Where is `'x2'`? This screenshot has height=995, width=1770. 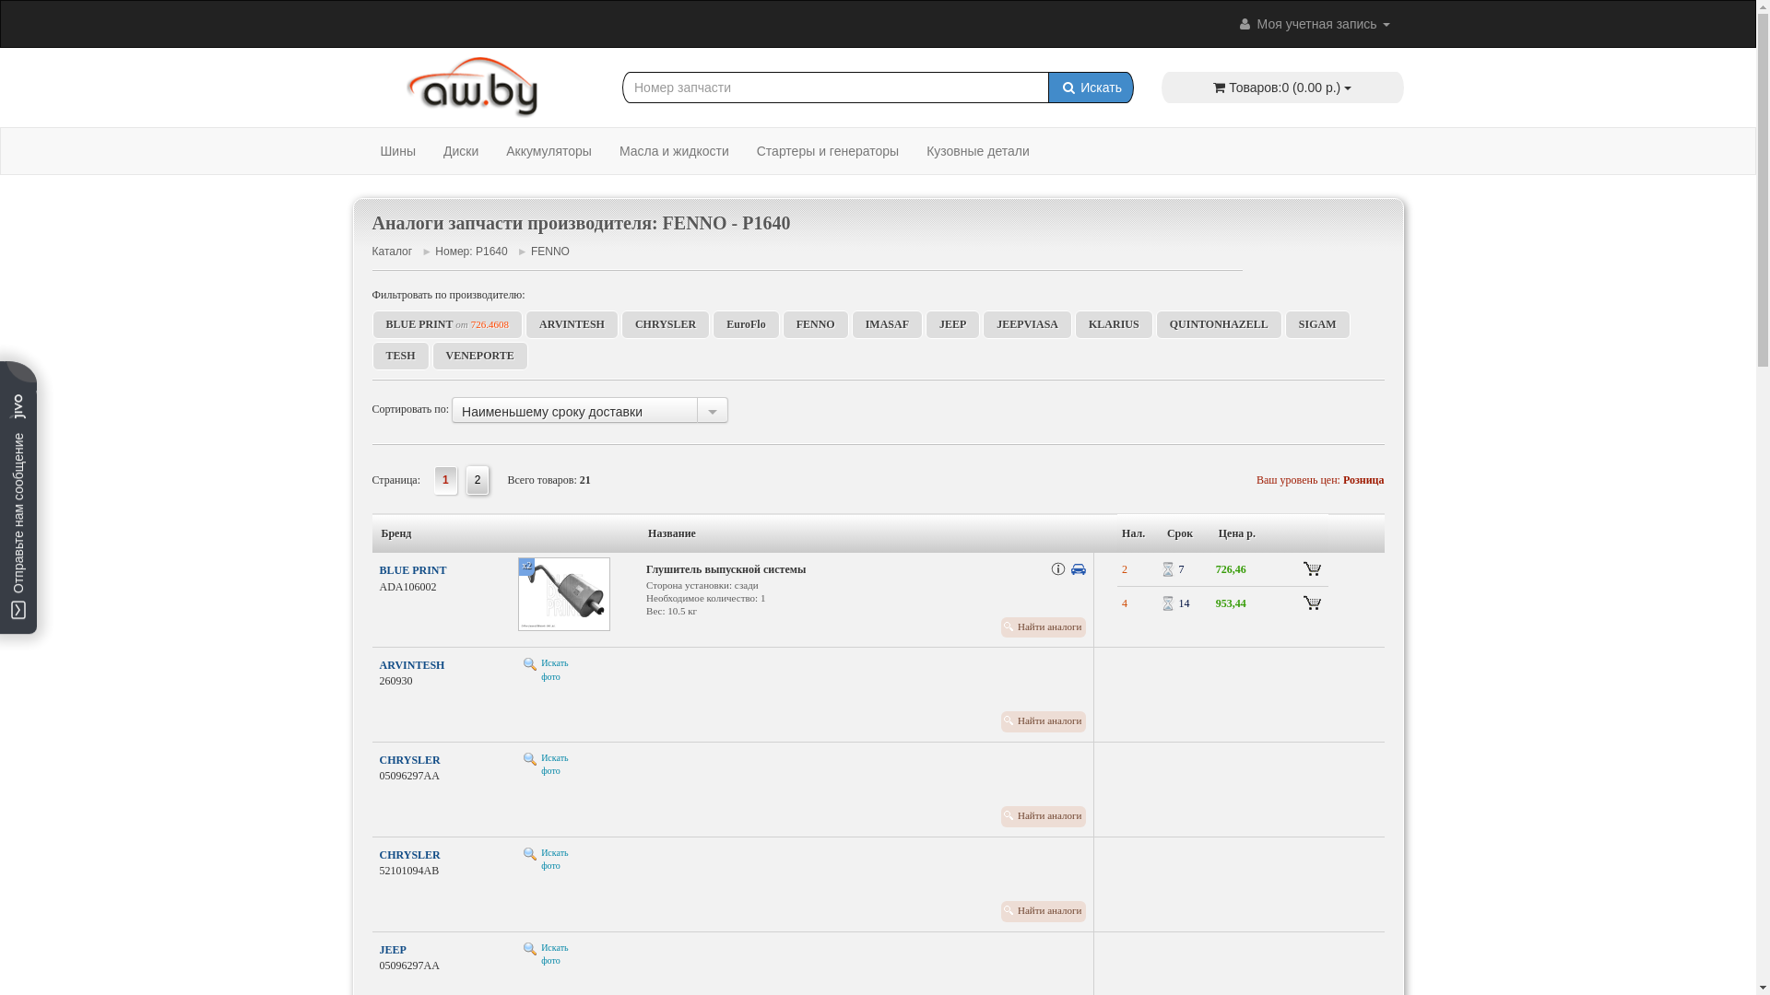
'x2' is located at coordinates (575, 593).